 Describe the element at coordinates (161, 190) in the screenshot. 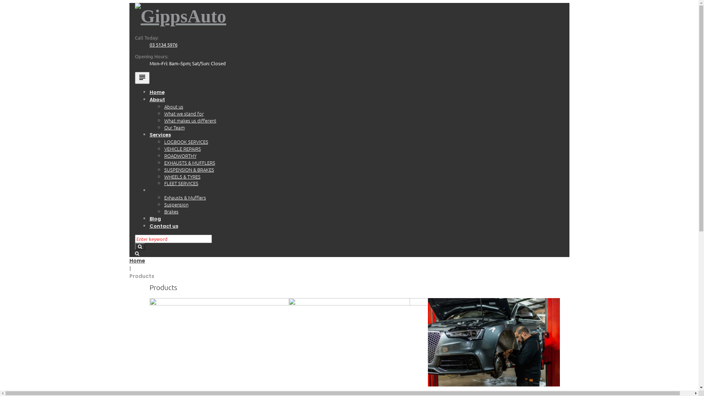

I see `'Products'` at that location.